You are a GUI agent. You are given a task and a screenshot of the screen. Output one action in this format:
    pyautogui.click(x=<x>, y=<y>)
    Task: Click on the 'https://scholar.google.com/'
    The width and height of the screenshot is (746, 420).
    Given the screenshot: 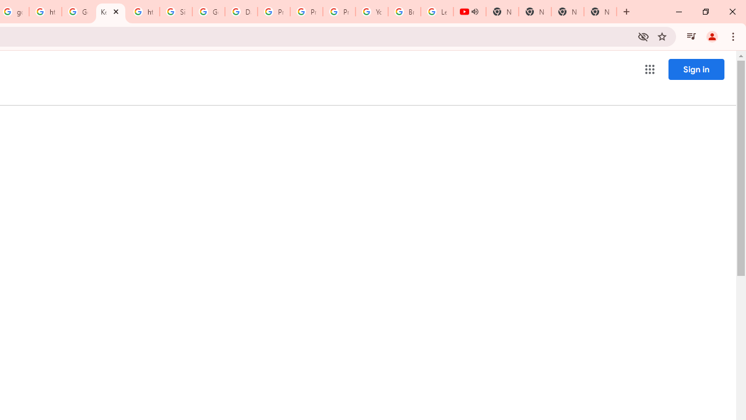 What is the action you would take?
    pyautogui.click(x=45, y=12)
    